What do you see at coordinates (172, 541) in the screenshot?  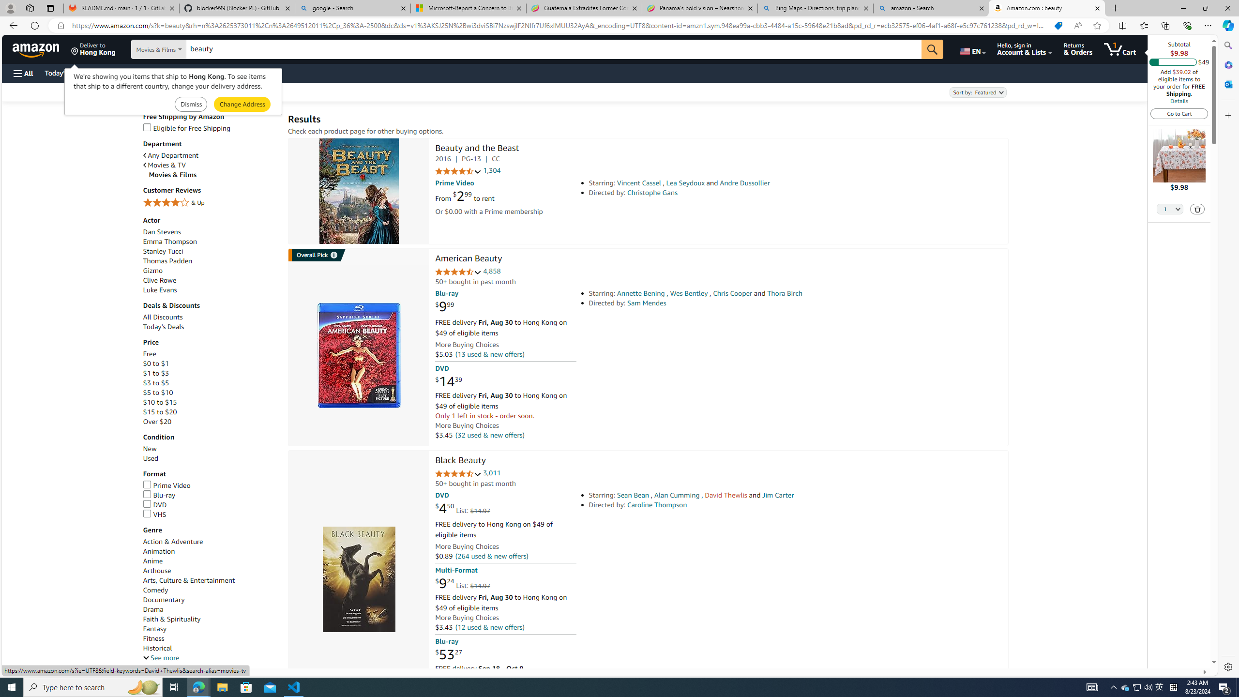 I see `'Action & Adventure'` at bounding box center [172, 541].